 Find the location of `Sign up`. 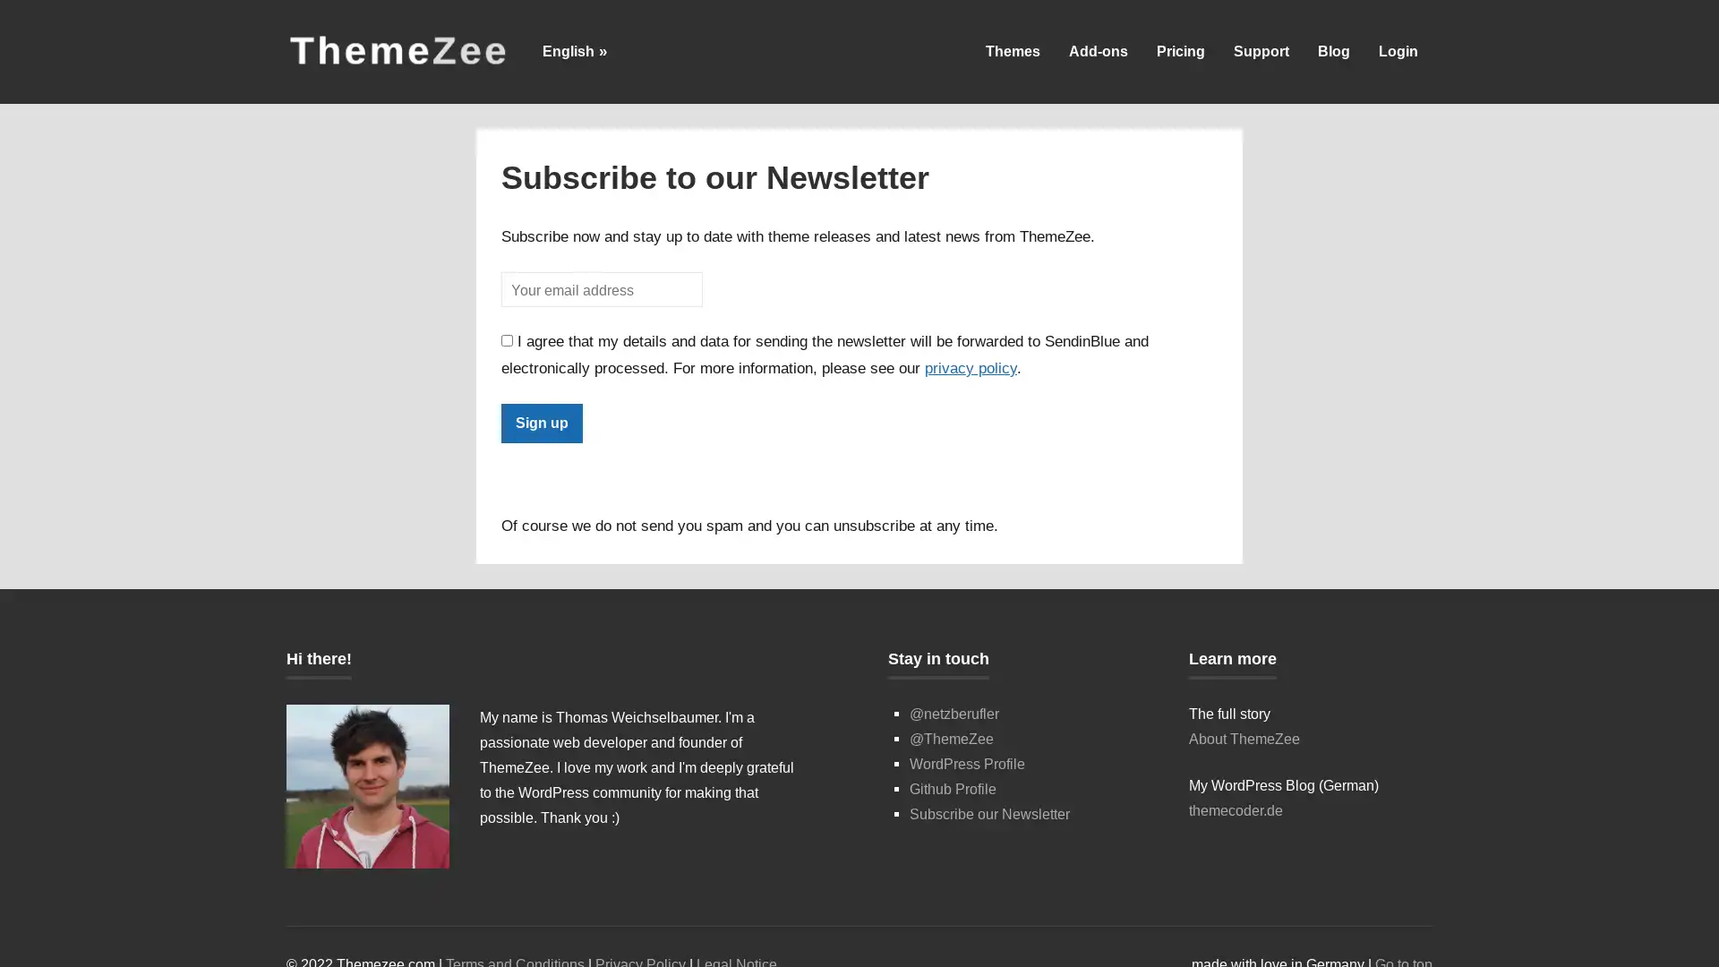

Sign up is located at coordinates (541, 422).